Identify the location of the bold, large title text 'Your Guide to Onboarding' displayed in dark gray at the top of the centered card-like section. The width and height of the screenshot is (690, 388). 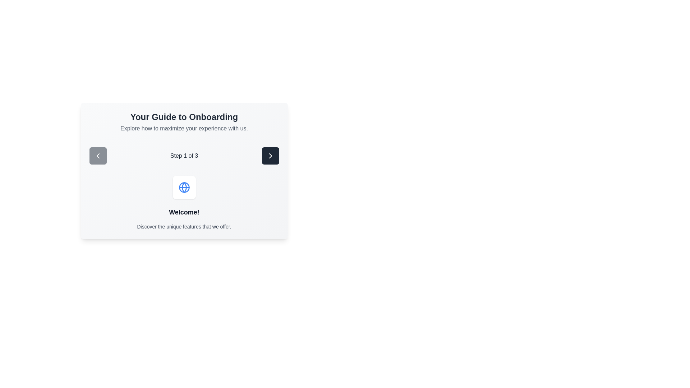
(184, 117).